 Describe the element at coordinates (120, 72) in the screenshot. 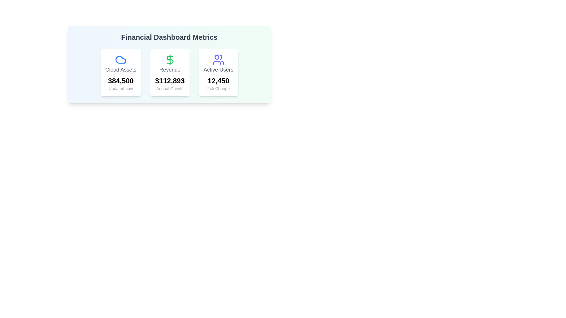

I see `the first Card Component displaying 'Cloud Assets' with a count of 384,500 and the status 'Updated now' in the Financial Dashboard Metrics section` at that location.